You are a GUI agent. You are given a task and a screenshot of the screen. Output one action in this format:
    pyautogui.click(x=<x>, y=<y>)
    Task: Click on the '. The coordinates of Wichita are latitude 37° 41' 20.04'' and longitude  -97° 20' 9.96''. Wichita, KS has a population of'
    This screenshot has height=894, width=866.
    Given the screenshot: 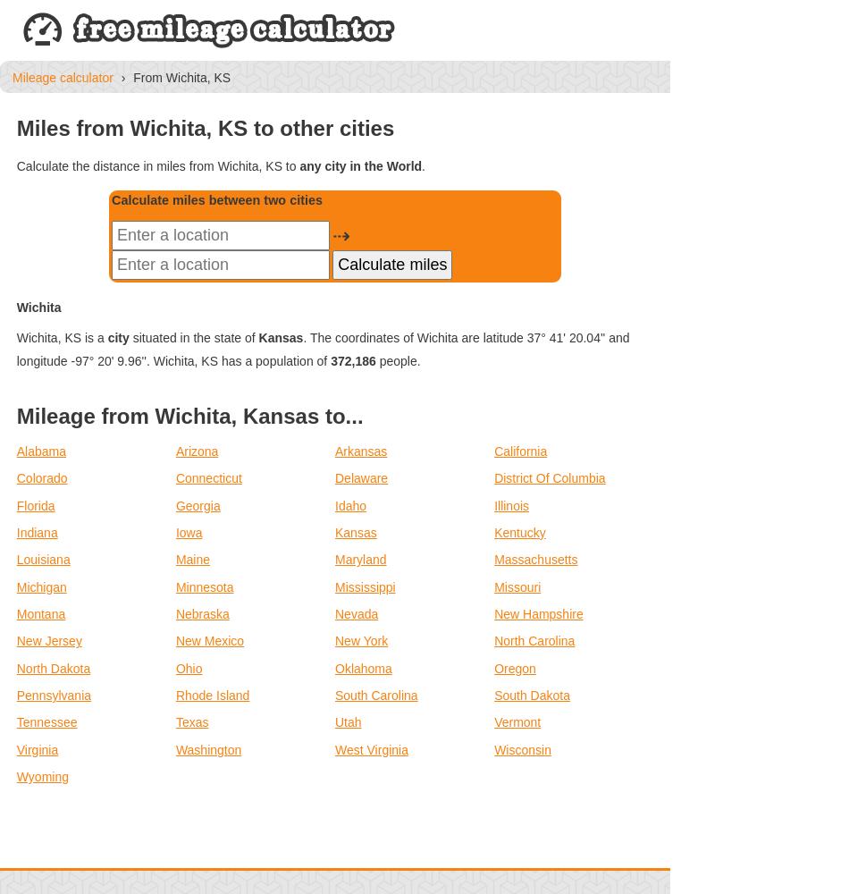 What is the action you would take?
    pyautogui.click(x=322, y=349)
    